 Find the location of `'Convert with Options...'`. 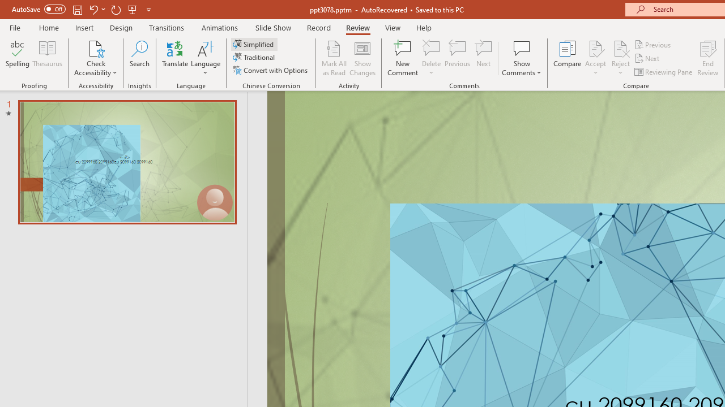

'Convert with Options...' is located at coordinates (271, 70).